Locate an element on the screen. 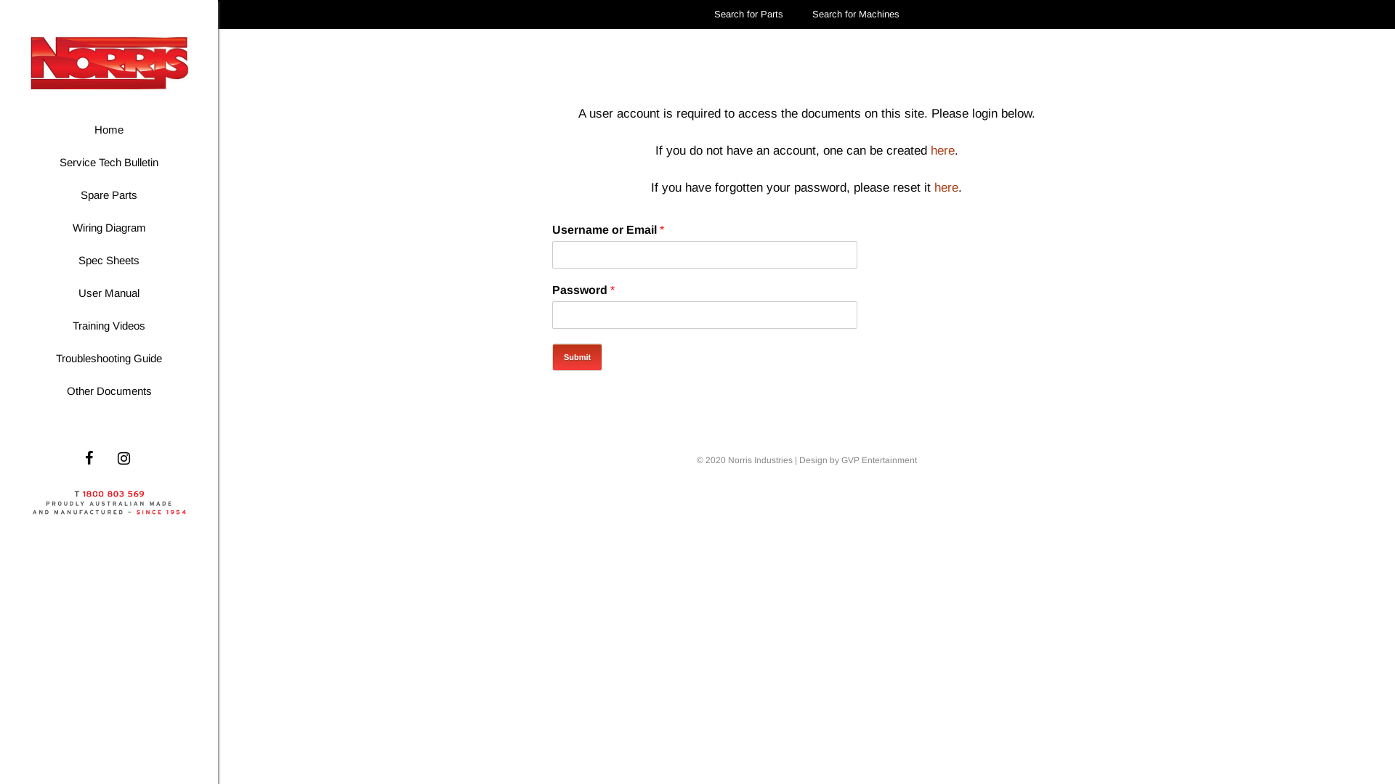  'Wiring Diagram' is located at coordinates (108, 227).